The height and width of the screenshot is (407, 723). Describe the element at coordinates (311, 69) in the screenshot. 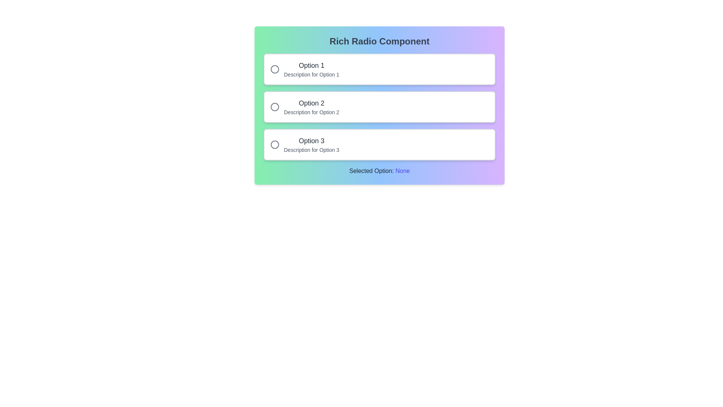

I see `the text block that provides the title and description of the first selectable option in the list, located below 'Rich Radio Component' and next to the circular selector icon` at that location.